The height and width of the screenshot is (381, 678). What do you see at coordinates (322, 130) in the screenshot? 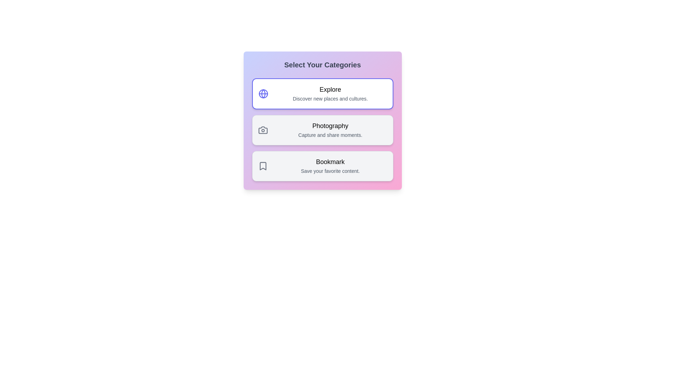
I see `the category Photography` at bounding box center [322, 130].